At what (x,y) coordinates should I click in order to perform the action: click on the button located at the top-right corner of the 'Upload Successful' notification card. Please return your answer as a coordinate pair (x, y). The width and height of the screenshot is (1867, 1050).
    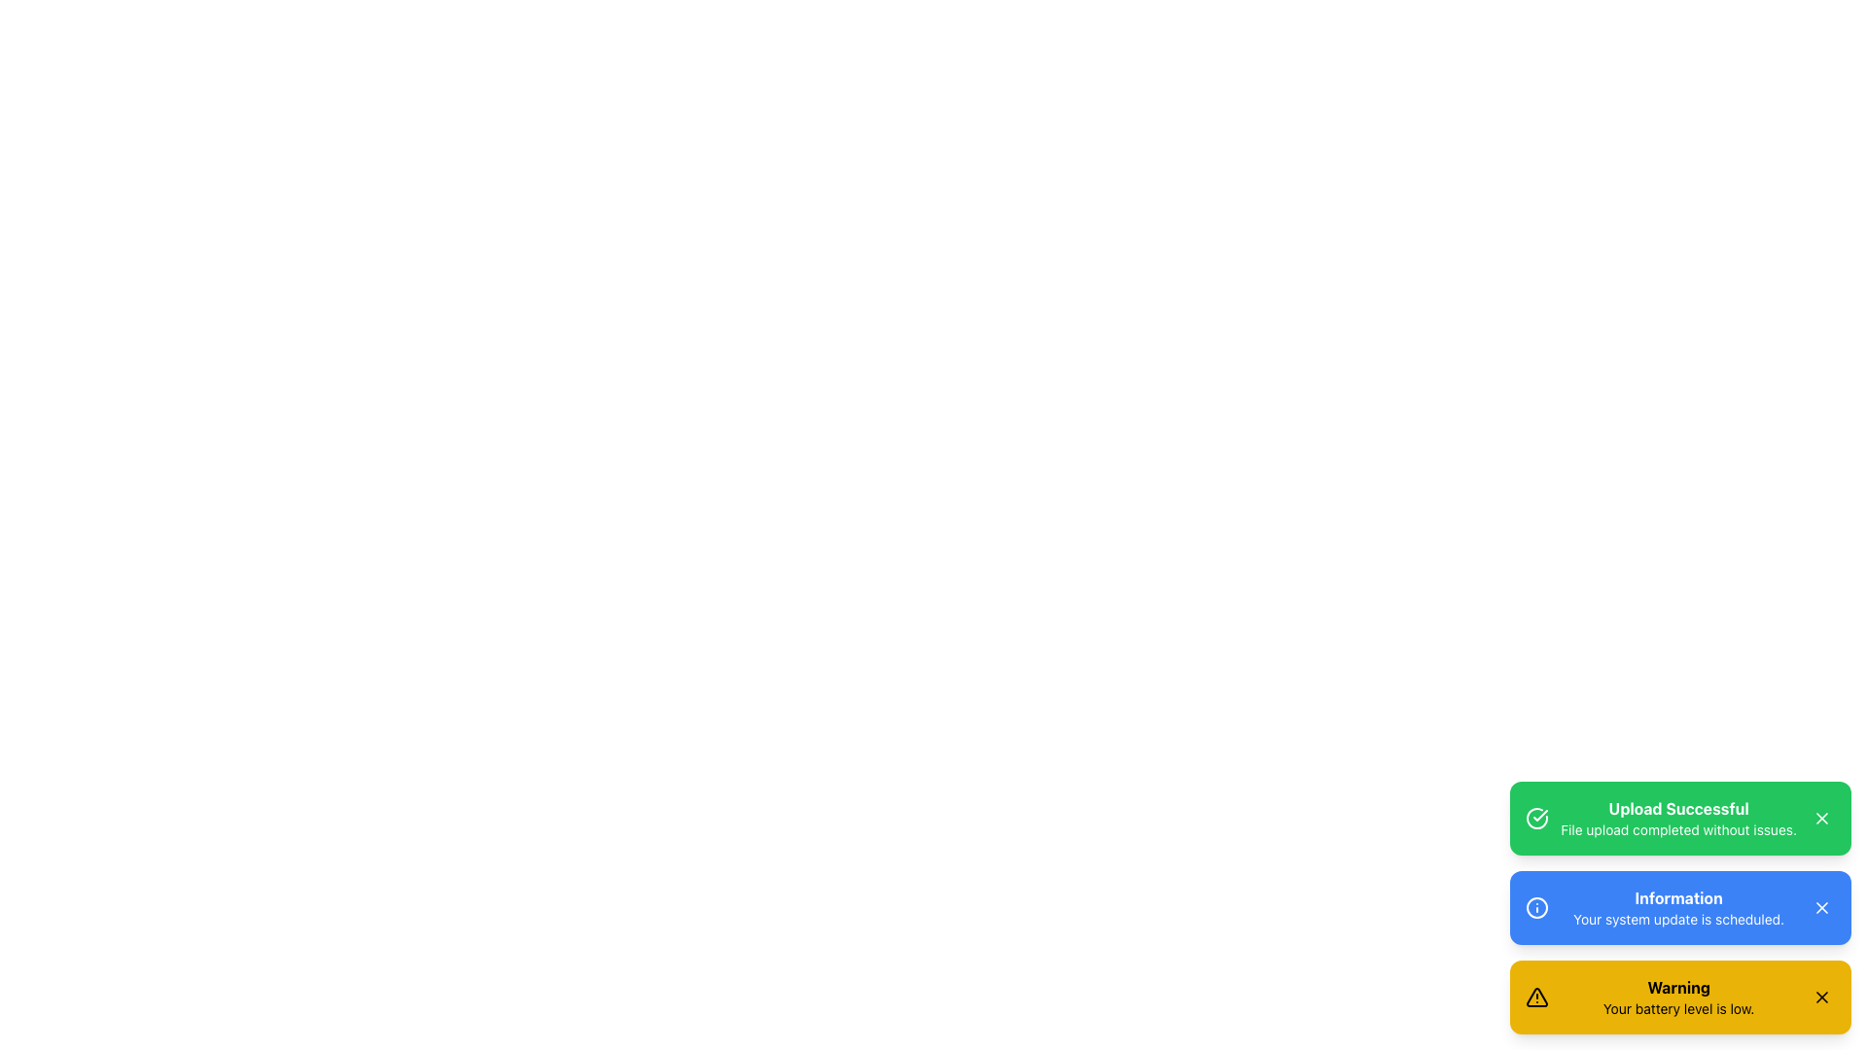
    Looking at the image, I should click on (1820, 818).